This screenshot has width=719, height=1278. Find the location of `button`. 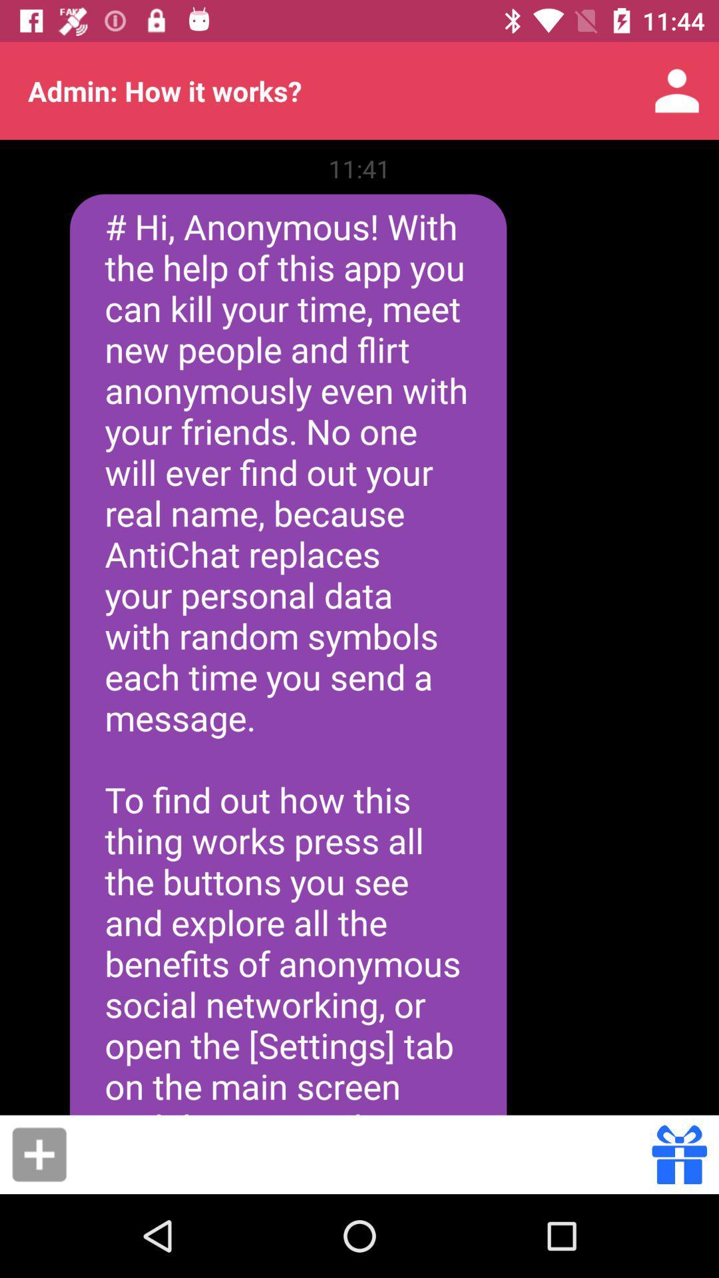

button is located at coordinates (39, 1154).